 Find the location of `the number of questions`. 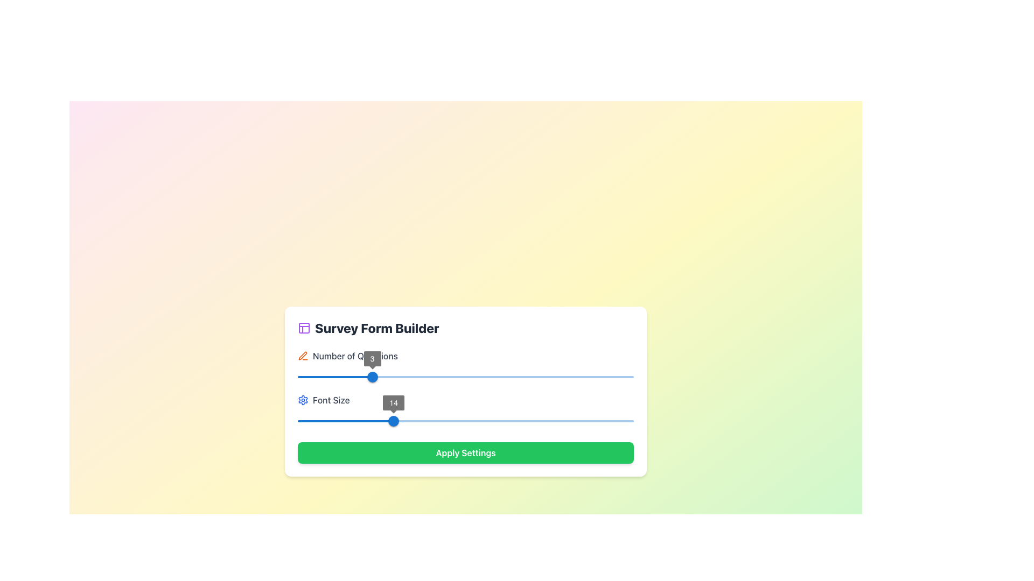

the number of questions is located at coordinates (522, 377).